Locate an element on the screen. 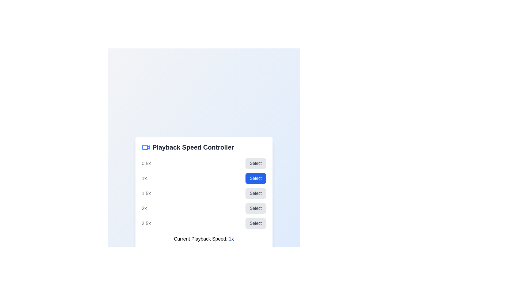  the Text Label that displays the currently active playback speed of the media player, located at the bottom of the 'Playback Speed Controller' component is located at coordinates (203, 239).